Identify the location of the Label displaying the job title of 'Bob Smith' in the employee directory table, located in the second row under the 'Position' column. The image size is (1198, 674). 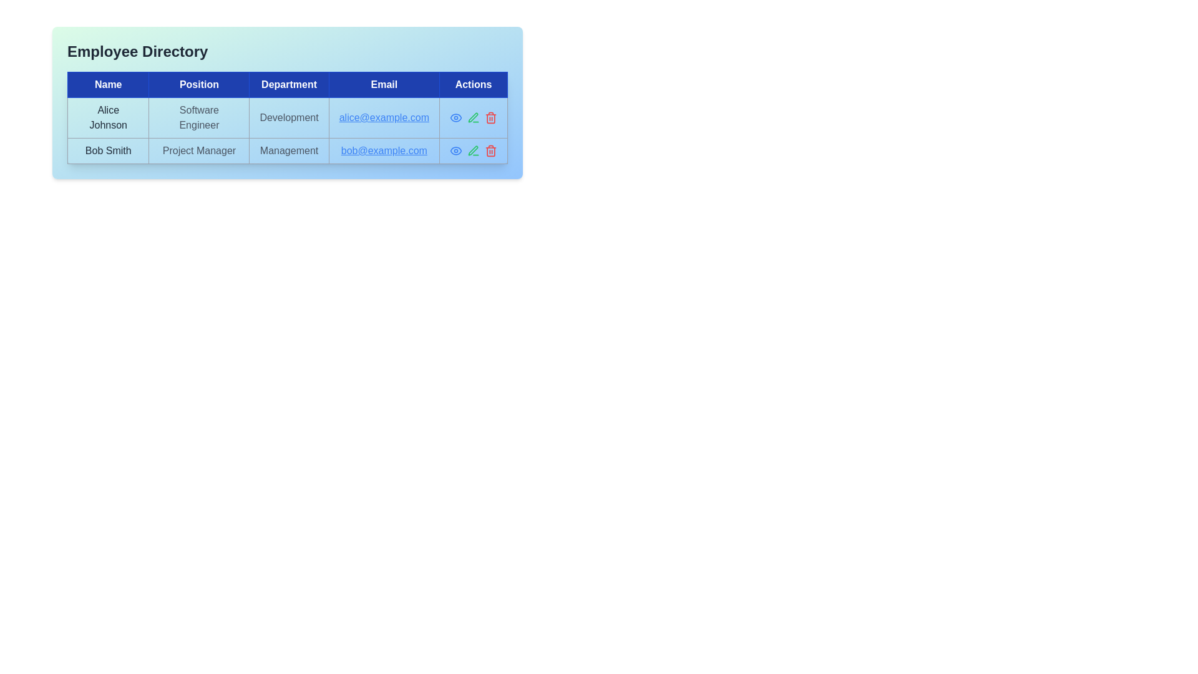
(198, 150).